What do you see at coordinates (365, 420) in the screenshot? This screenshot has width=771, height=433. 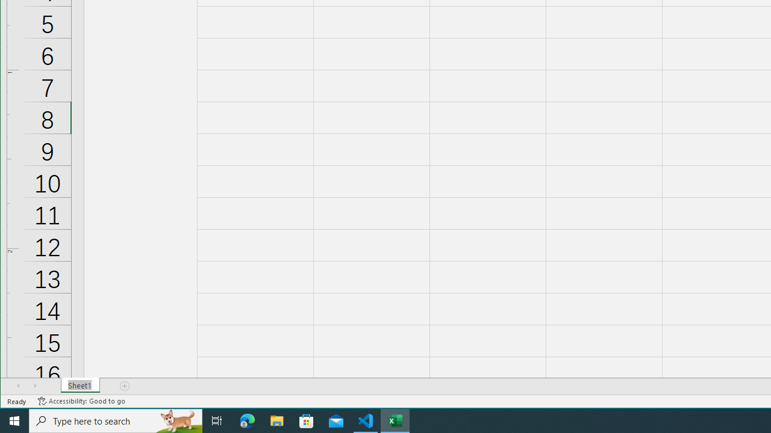 I see `'Visual Studio Code - 1 running window'` at bounding box center [365, 420].